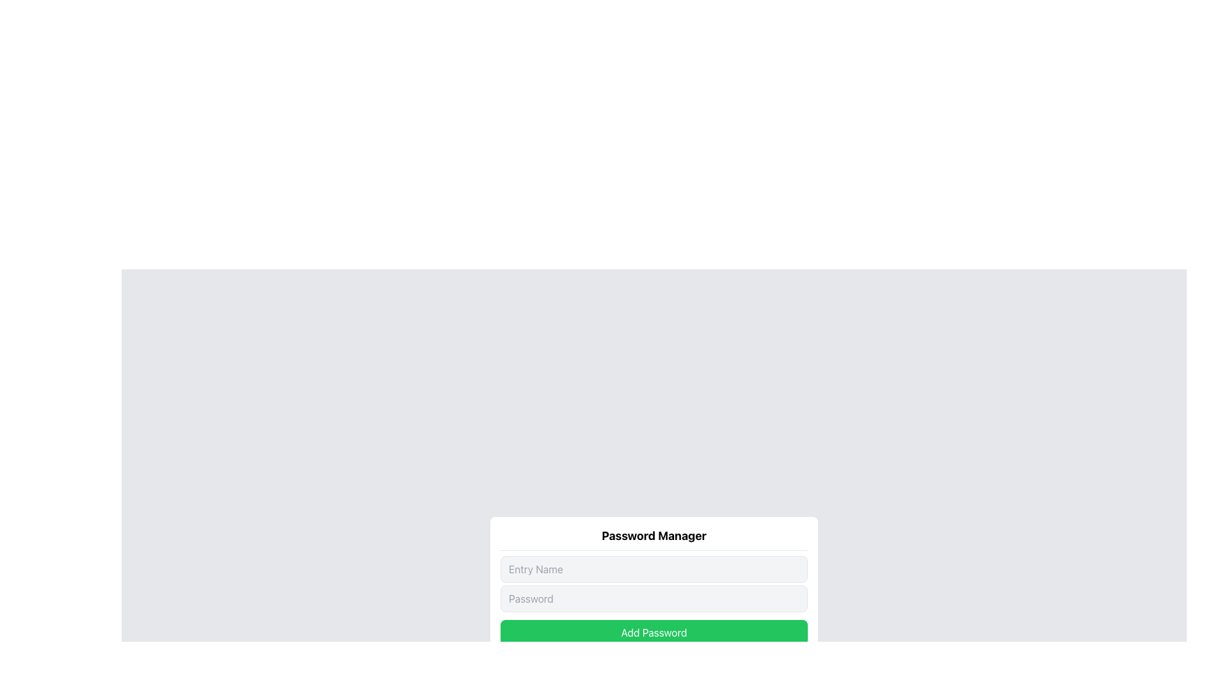 This screenshot has width=1229, height=691. What do you see at coordinates (654, 583) in the screenshot?
I see `the input field in the Vertical Stack of Input Fields of the Password Manager interface for interaction` at bounding box center [654, 583].